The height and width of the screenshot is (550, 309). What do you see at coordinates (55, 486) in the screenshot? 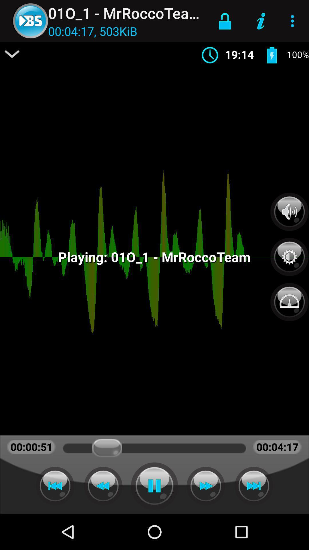
I see `the av_rewind icon` at bounding box center [55, 486].